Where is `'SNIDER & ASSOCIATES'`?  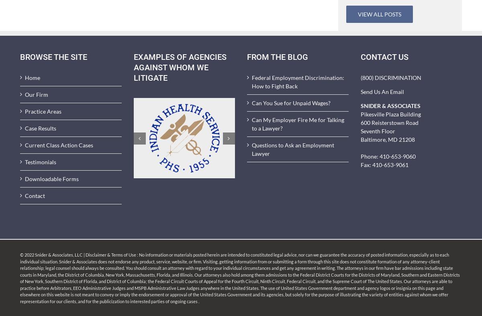
'SNIDER & ASSOCIATES' is located at coordinates (390, 105).